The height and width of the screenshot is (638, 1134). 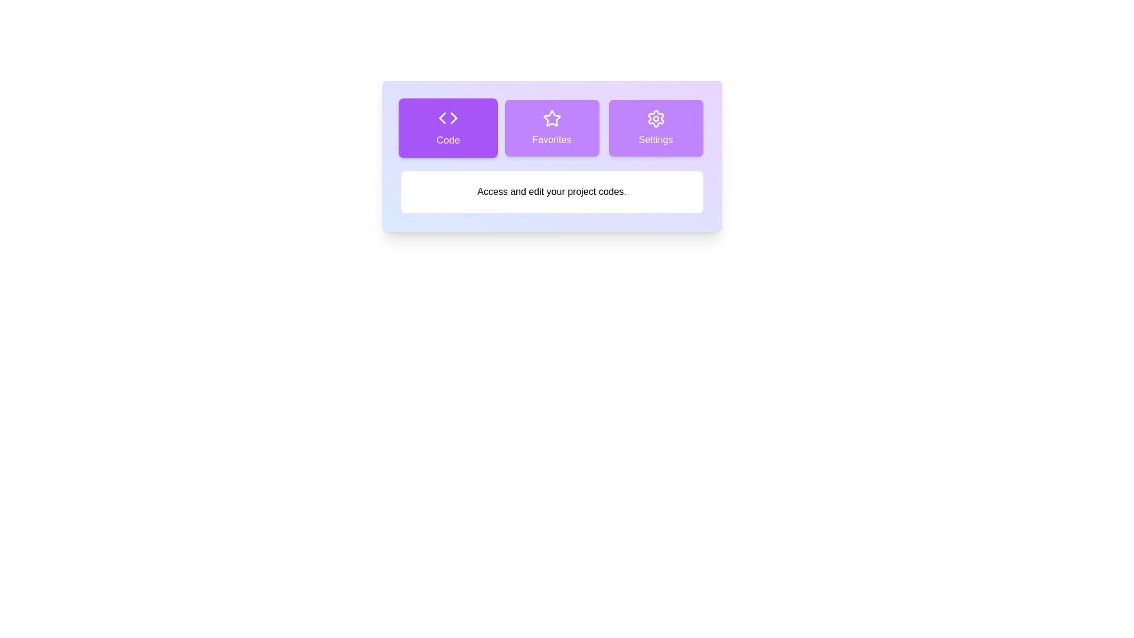 I want to click on the text label that reads 'Access and edit your project codes.' which is located centrally below the interactive purple buttons labeled 'Code,' 'Favorites,' and 'Settings.', so click(x=551, y=191).